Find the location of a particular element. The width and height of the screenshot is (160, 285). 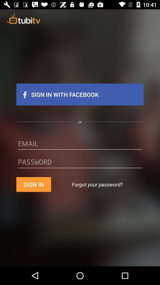

password is located at coordinates (80, 164).